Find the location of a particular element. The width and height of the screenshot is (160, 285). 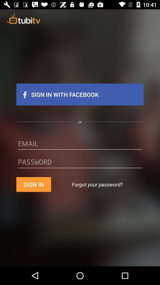

password is located at coordinates (80, 164).